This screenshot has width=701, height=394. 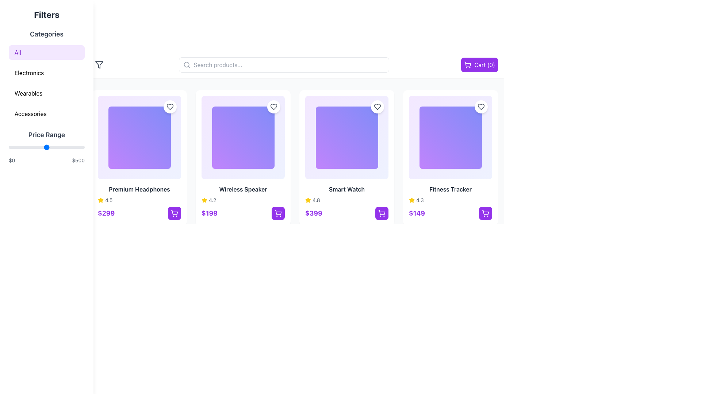 I want to click on the heart-shaped icon located in the top-right corner of the card for the 'Wireless Speaker' product, so click(x=273, y=107).